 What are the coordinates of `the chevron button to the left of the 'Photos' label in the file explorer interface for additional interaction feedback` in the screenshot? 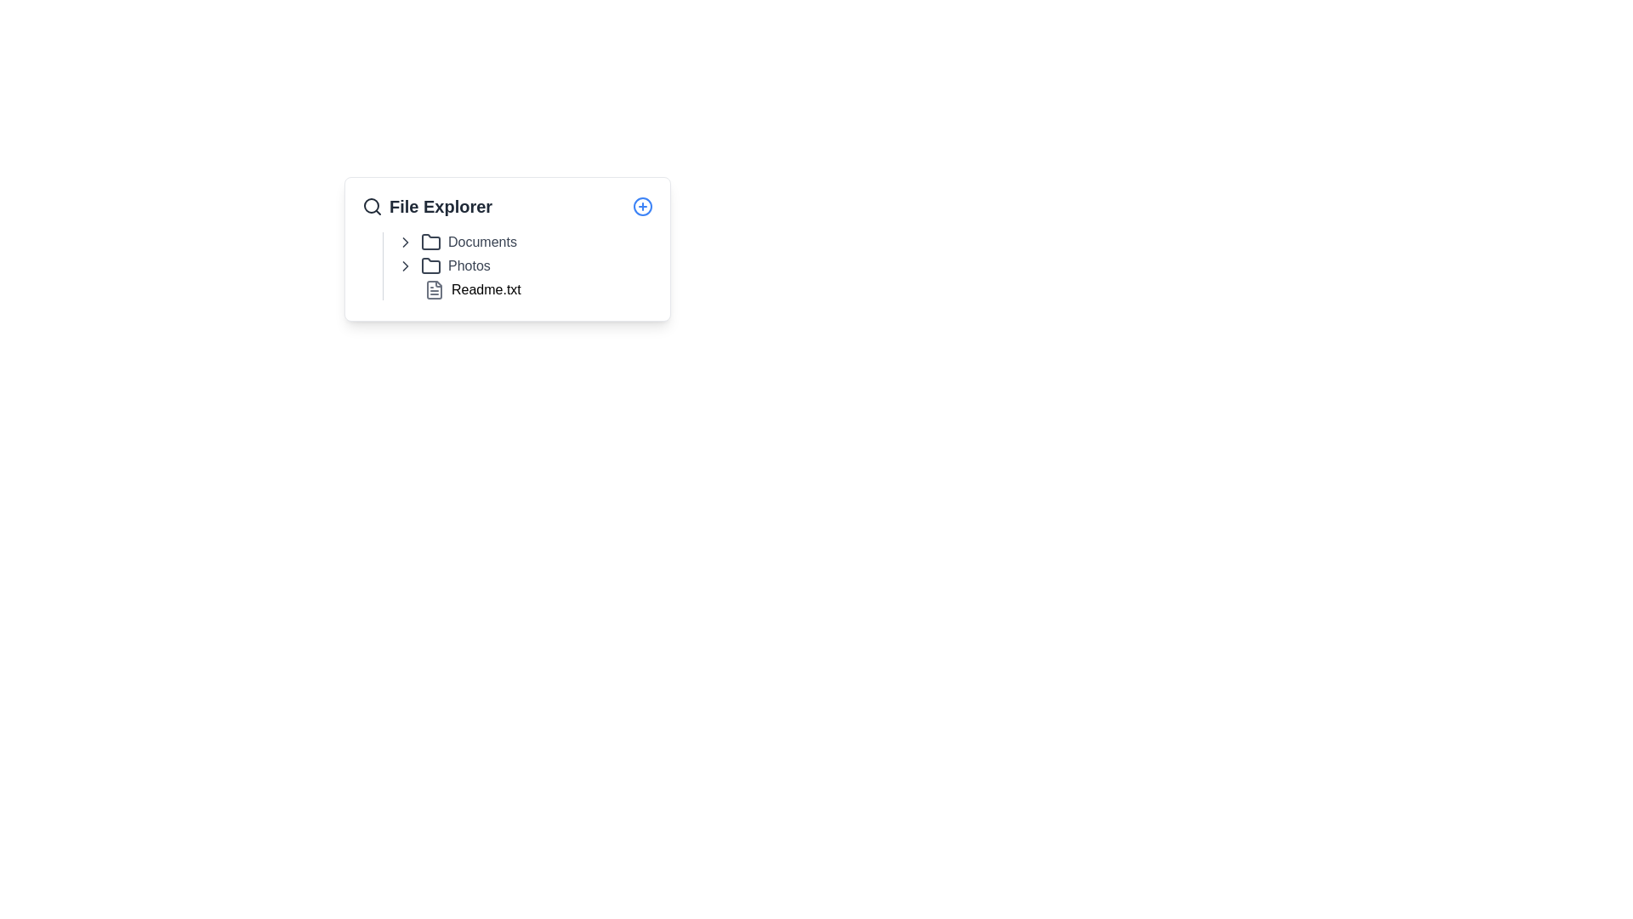 It's located at (404, 265).